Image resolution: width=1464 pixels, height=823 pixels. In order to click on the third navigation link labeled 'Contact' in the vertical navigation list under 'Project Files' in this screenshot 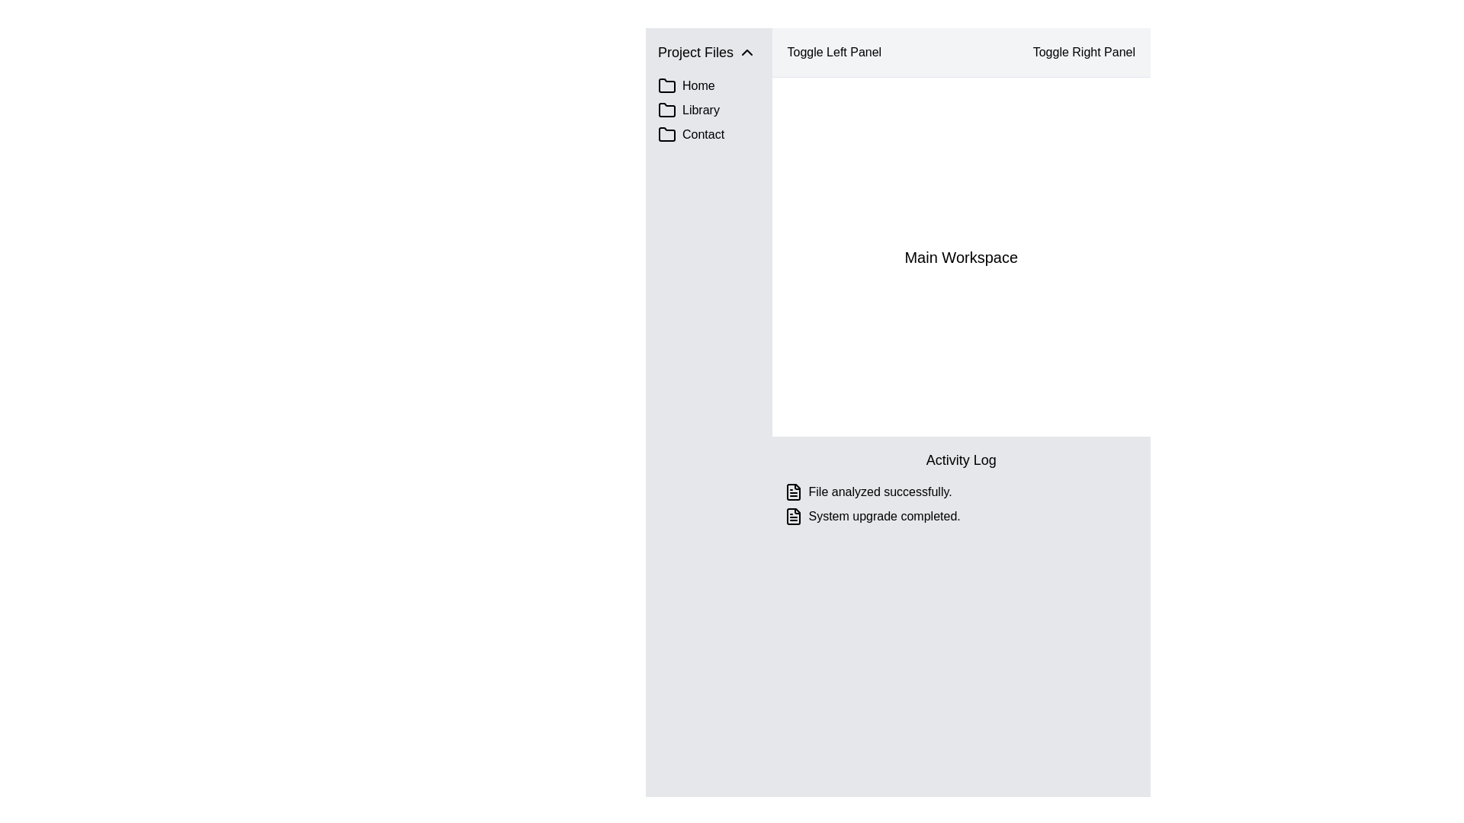, I will do `click(708, 134)`.